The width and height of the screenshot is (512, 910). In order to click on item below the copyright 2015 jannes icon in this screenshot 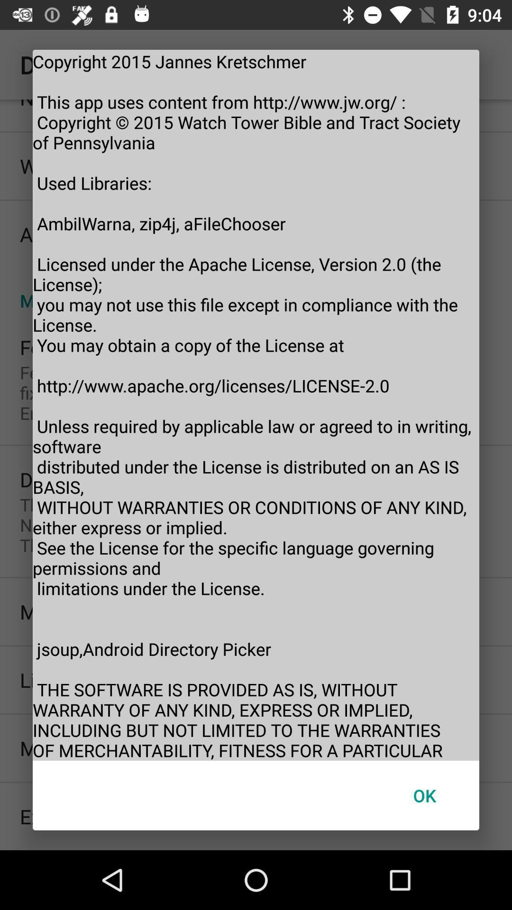, I will do `click(424, 795)`.